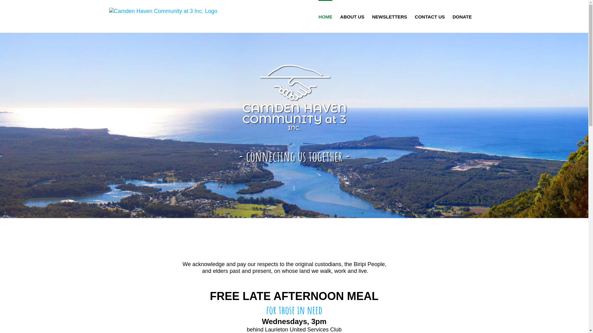 The height and width of the screenshot is (333, 593). Describe the element at coordinates (352, 16) in the screenshot. I see `'ABOUT US'` at that location.